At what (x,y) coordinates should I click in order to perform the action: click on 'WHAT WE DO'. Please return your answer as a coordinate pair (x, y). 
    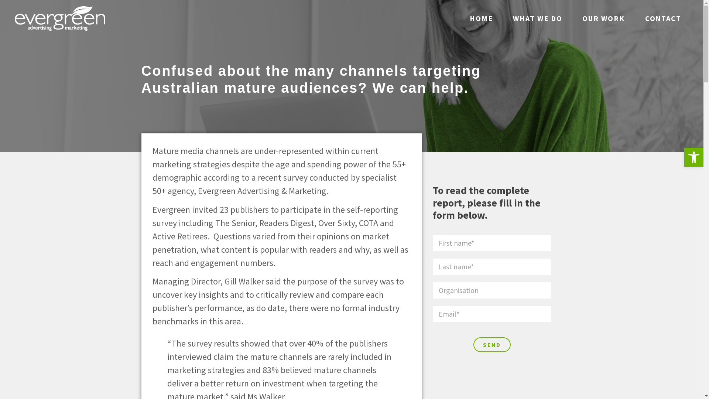
    Looking at the image, I should click on (537, 18).